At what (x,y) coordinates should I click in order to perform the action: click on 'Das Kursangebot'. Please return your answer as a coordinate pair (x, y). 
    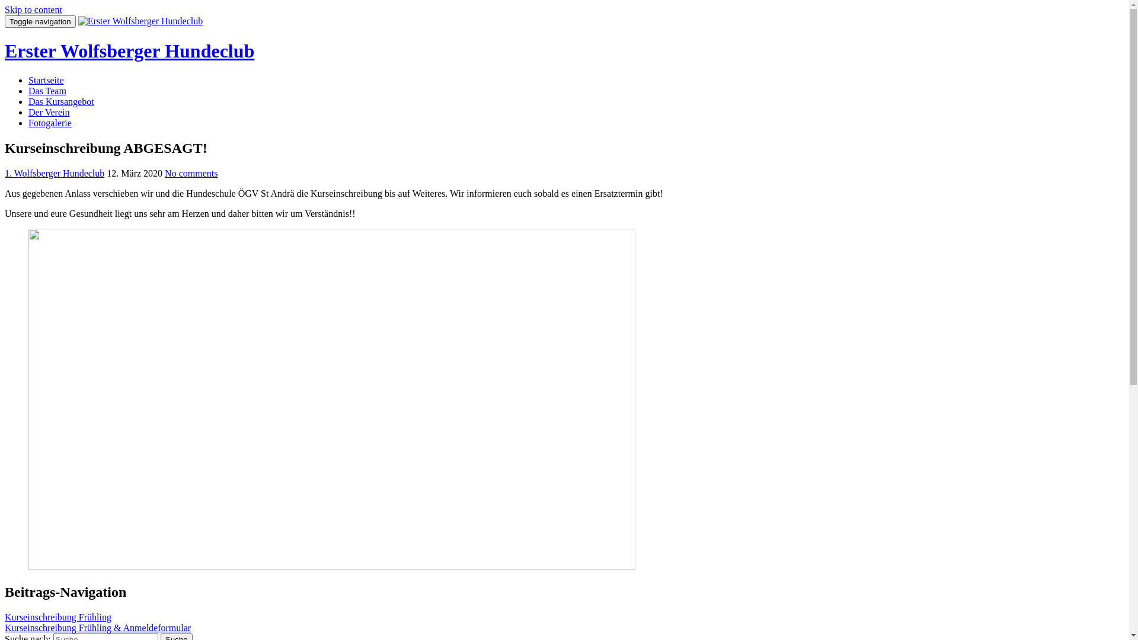
    Looking at the image, I should click on (60, 101).